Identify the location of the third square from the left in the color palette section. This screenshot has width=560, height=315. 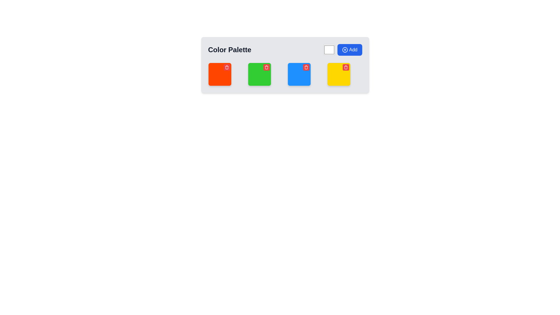
(285, 65).